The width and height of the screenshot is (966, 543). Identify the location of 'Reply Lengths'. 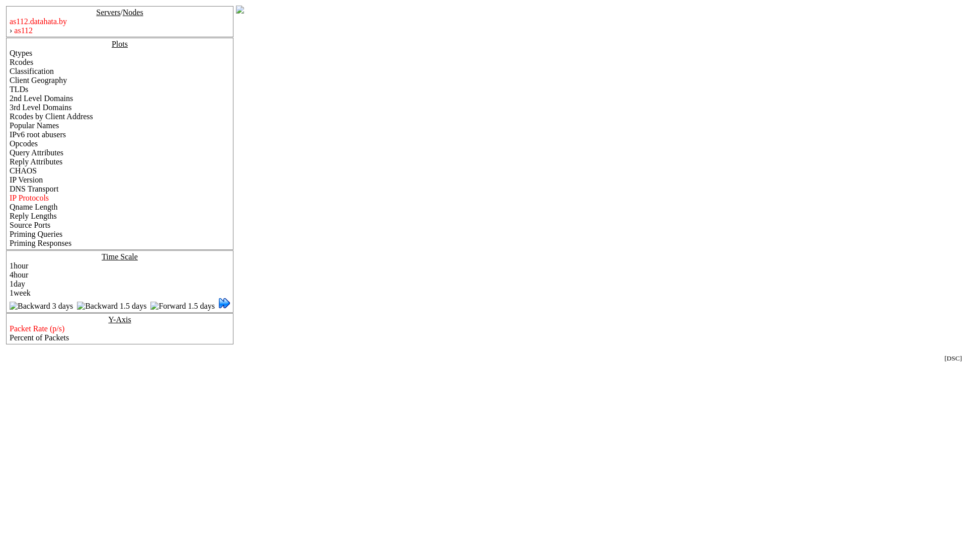
(33, 215).